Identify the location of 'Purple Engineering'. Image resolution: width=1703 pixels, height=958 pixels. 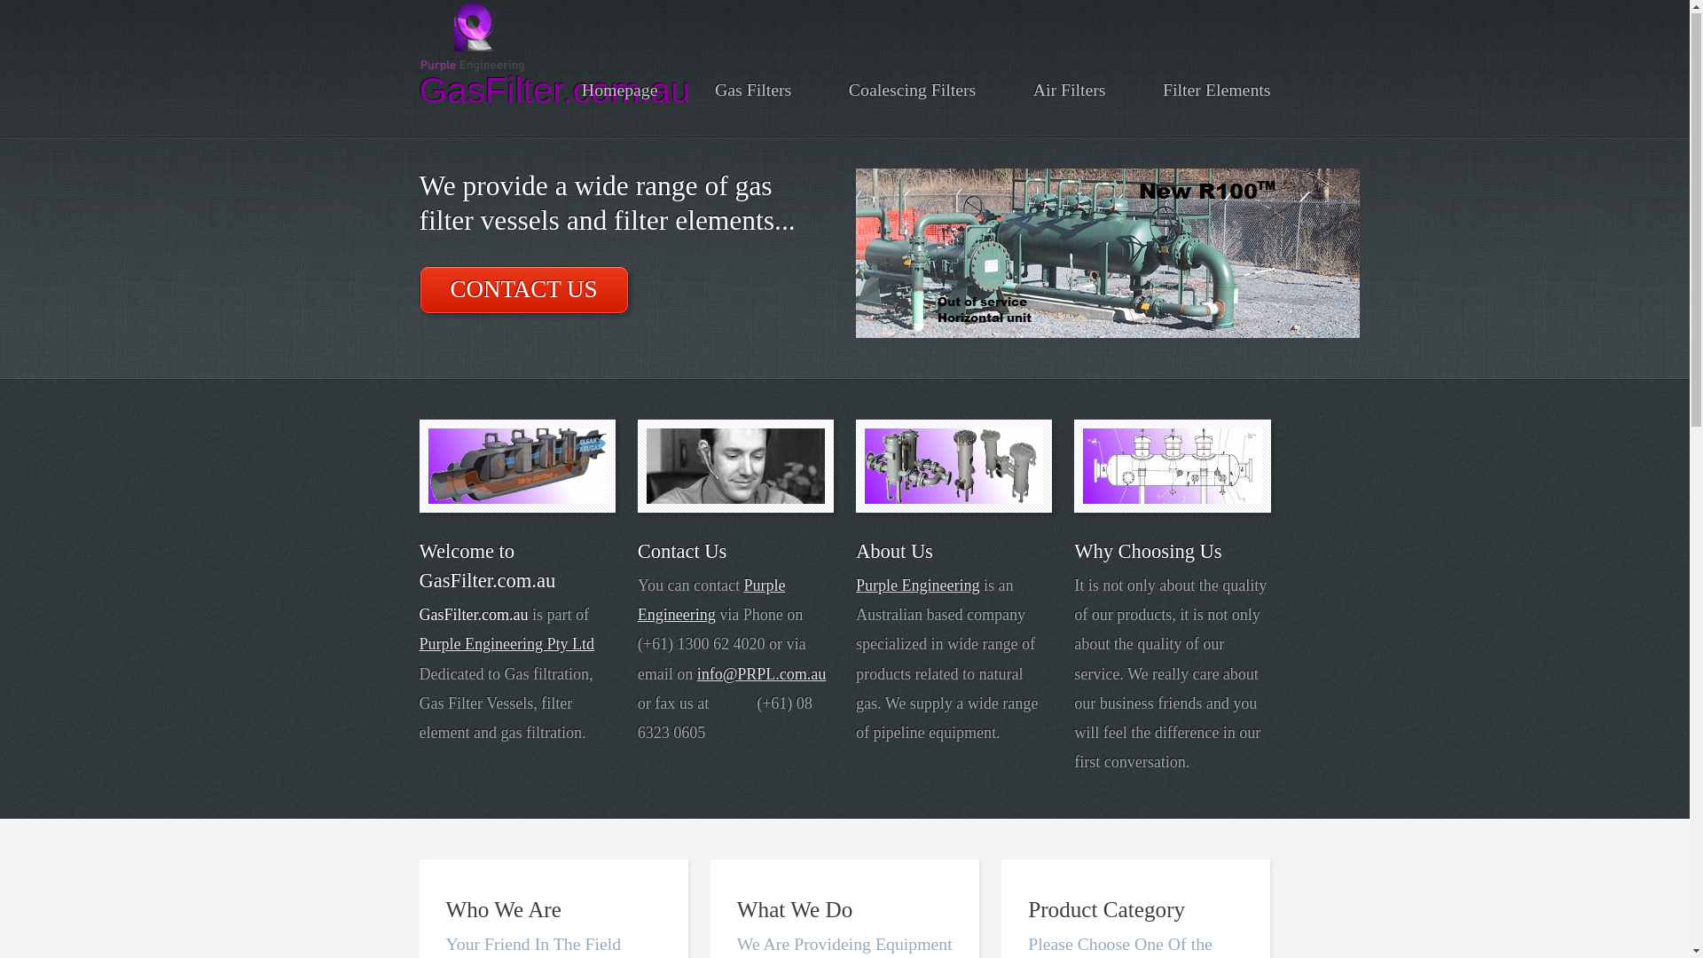
(917, 585).